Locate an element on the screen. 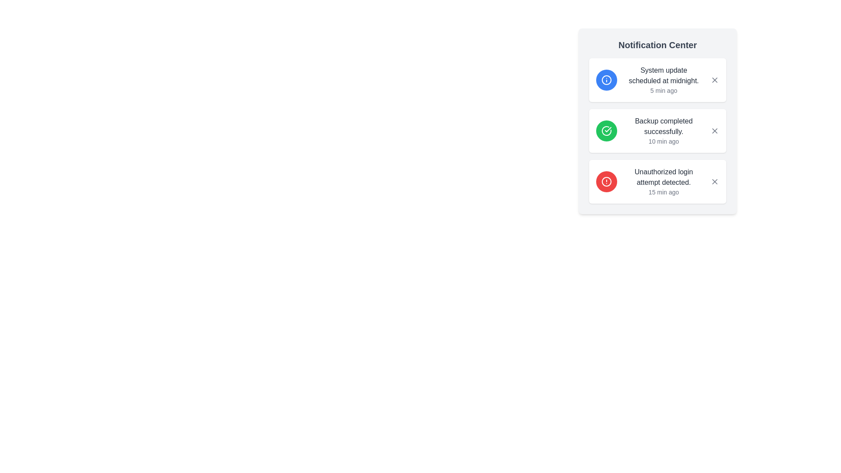 The width and height of the screenshot is (841, 473). the button with a gray hover effect located in the top right corner of the notification saying 'System update scheduled at midnight.' is located at coordinates (715, 80).